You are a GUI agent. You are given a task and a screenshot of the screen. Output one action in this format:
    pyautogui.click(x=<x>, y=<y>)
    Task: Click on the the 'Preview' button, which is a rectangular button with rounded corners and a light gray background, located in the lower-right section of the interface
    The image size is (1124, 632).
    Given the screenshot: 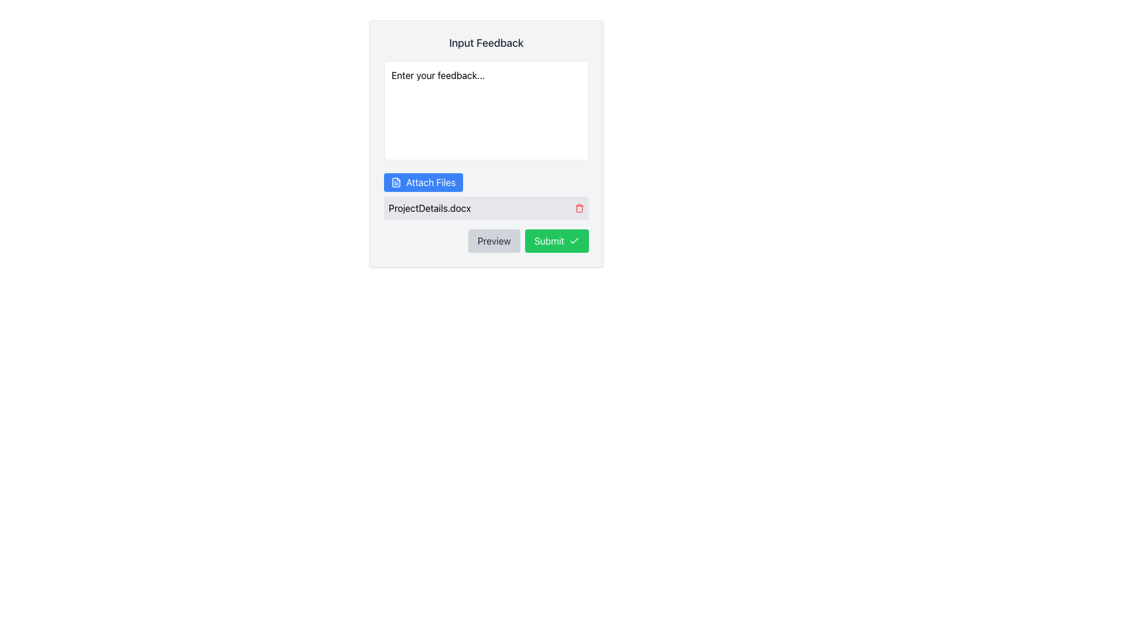 What is the action you would take?
    pyautogui.click(x=494, y=241)
    